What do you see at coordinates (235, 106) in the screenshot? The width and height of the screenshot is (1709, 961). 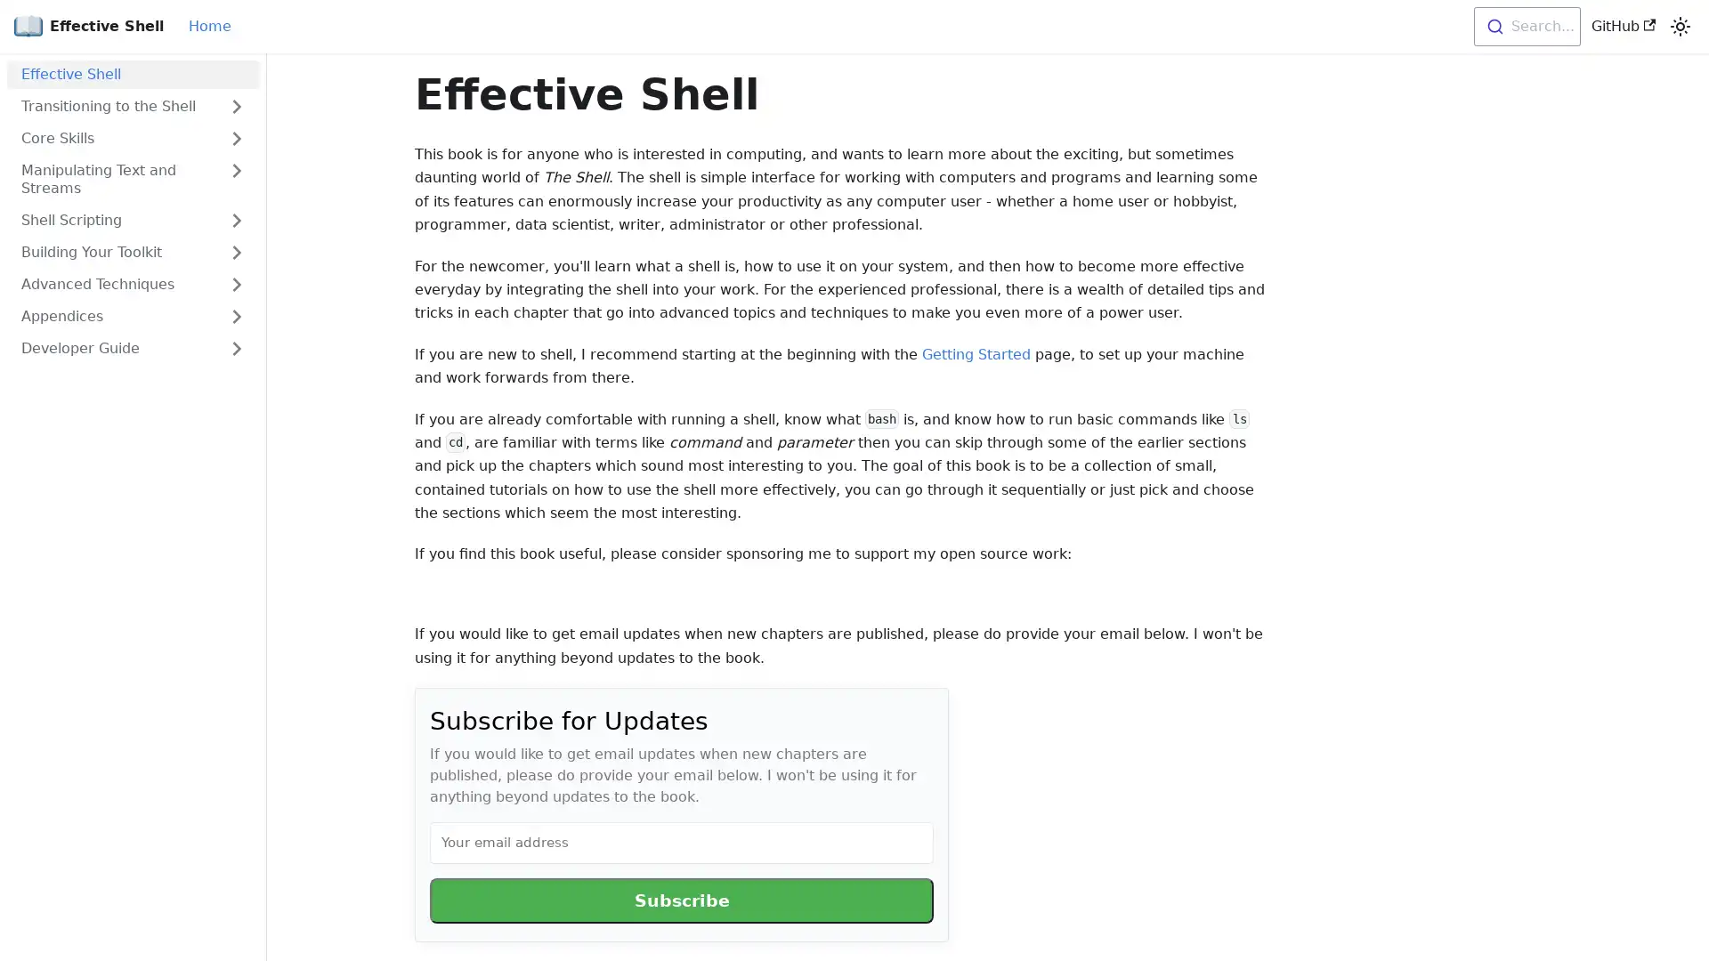 I see `Toggle the collapsible sidebar category 'Transitioning to the Shell'` at bounding box center [235, 106].